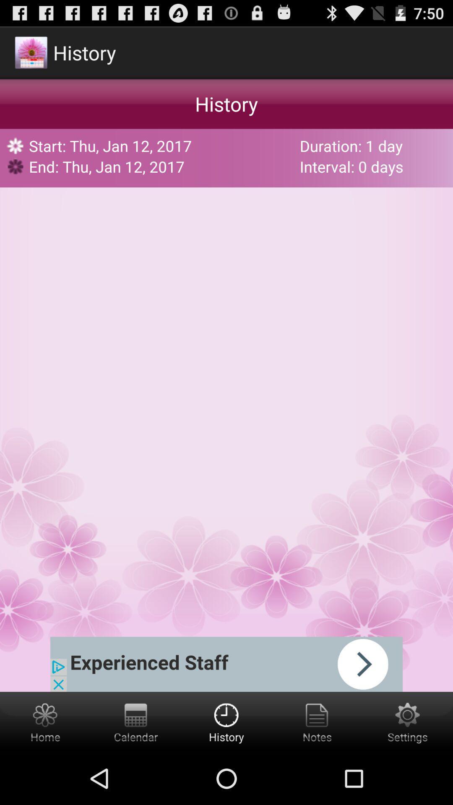 This screenshot has width=453, height=805. I want to click on advertisement banner, so click(226, 664).